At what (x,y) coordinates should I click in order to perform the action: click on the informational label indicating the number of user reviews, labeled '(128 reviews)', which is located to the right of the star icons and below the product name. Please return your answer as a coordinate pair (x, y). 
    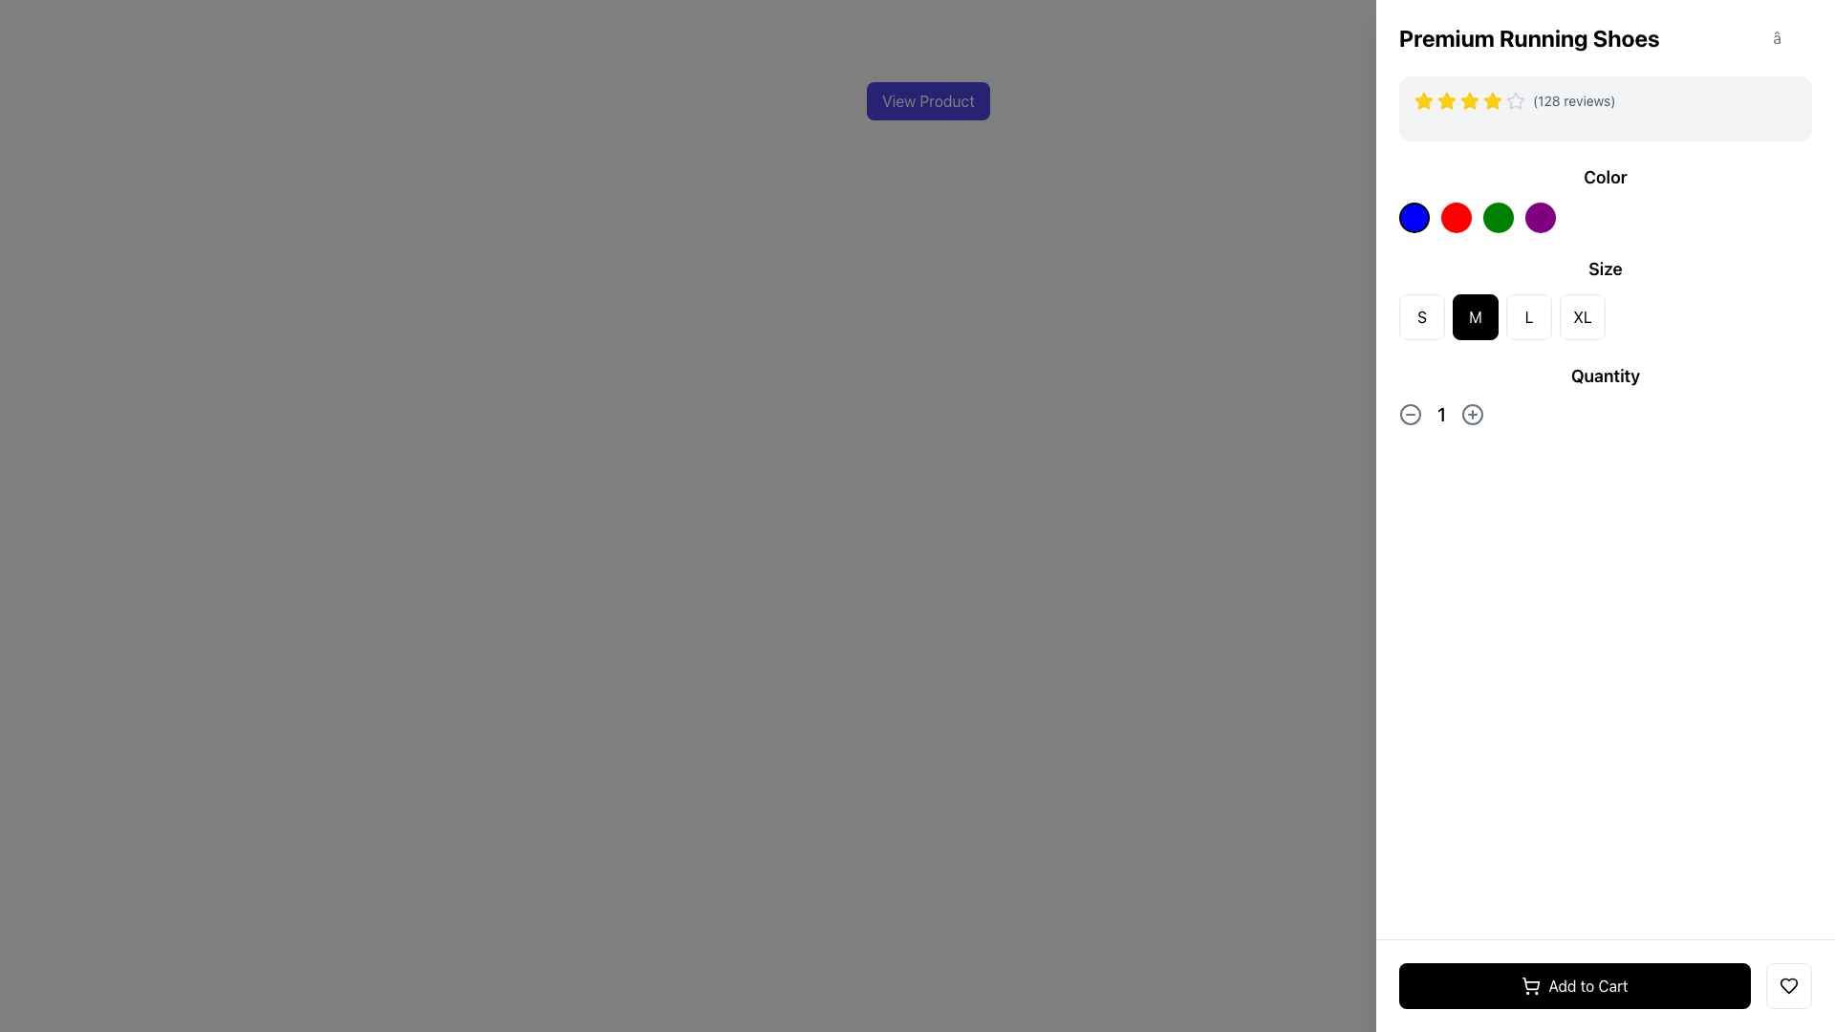
    Looking at the image, I should click on (1574, 100).